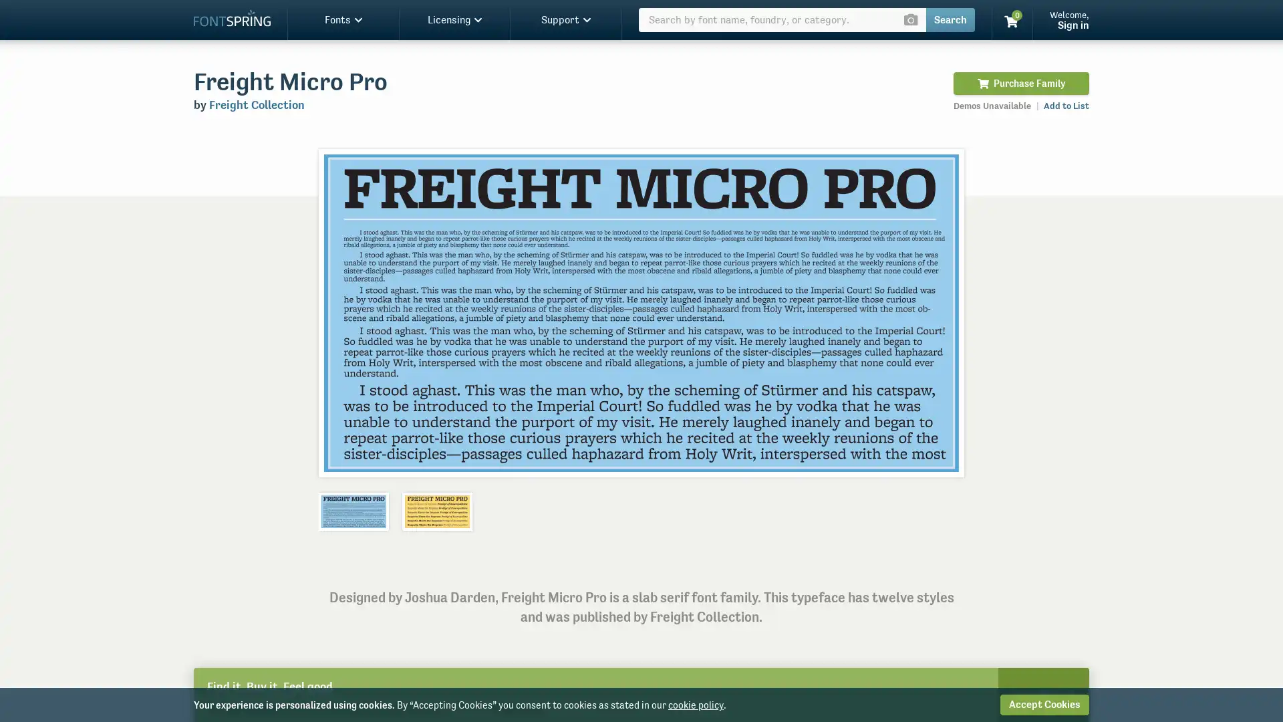  Describe the element at coordinates (950, 20) in the screenshot. I see `Search` at that location.